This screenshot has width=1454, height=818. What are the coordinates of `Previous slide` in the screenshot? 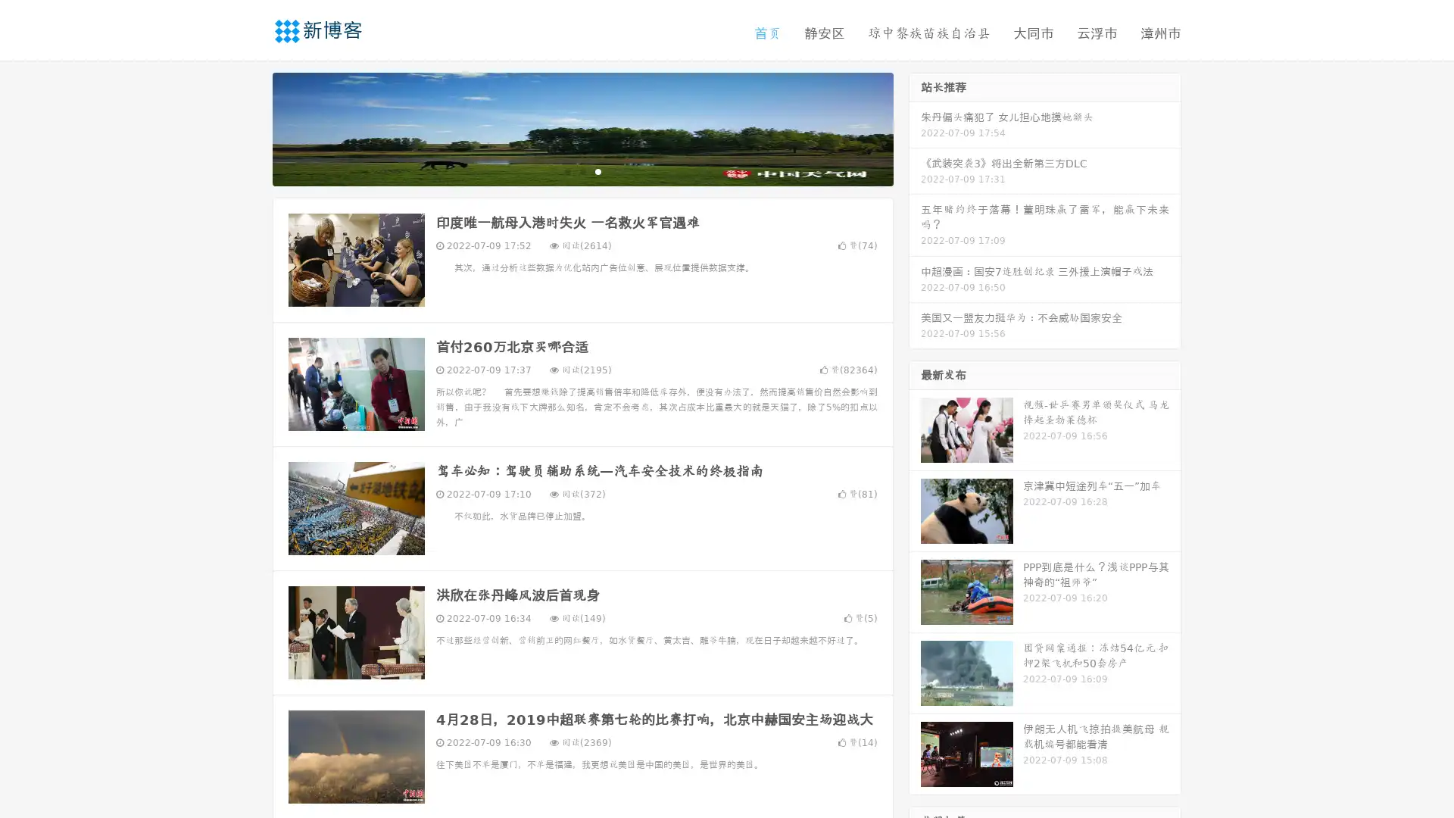 It's located at (250, 127).